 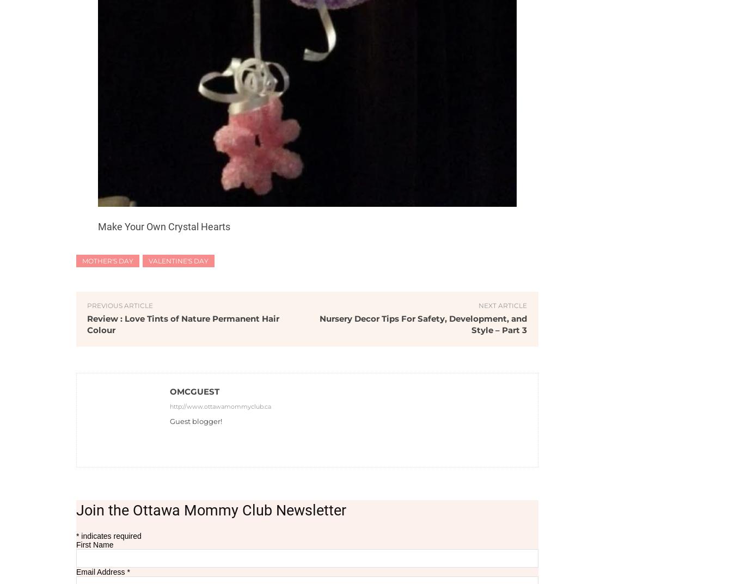 What do you see at coordinates (95, 544) in the screenshot?
I see `'First Name'` at bounding box center [95, 544].